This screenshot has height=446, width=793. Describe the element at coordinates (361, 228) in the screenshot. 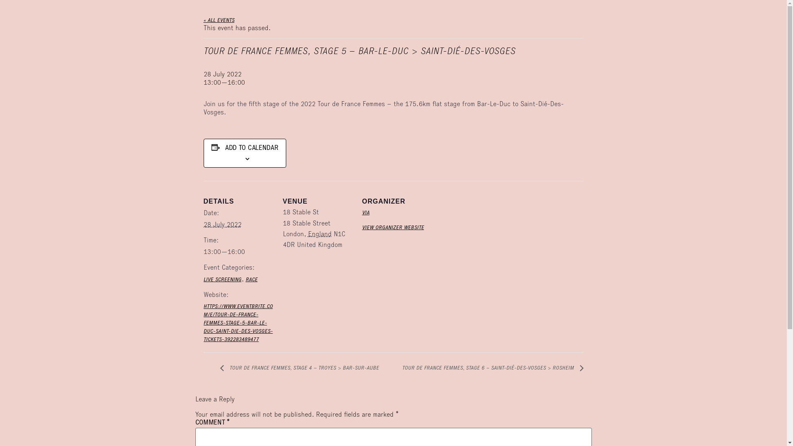

I see `'VIEW ORGANIZER WEBSITE'` at that location.